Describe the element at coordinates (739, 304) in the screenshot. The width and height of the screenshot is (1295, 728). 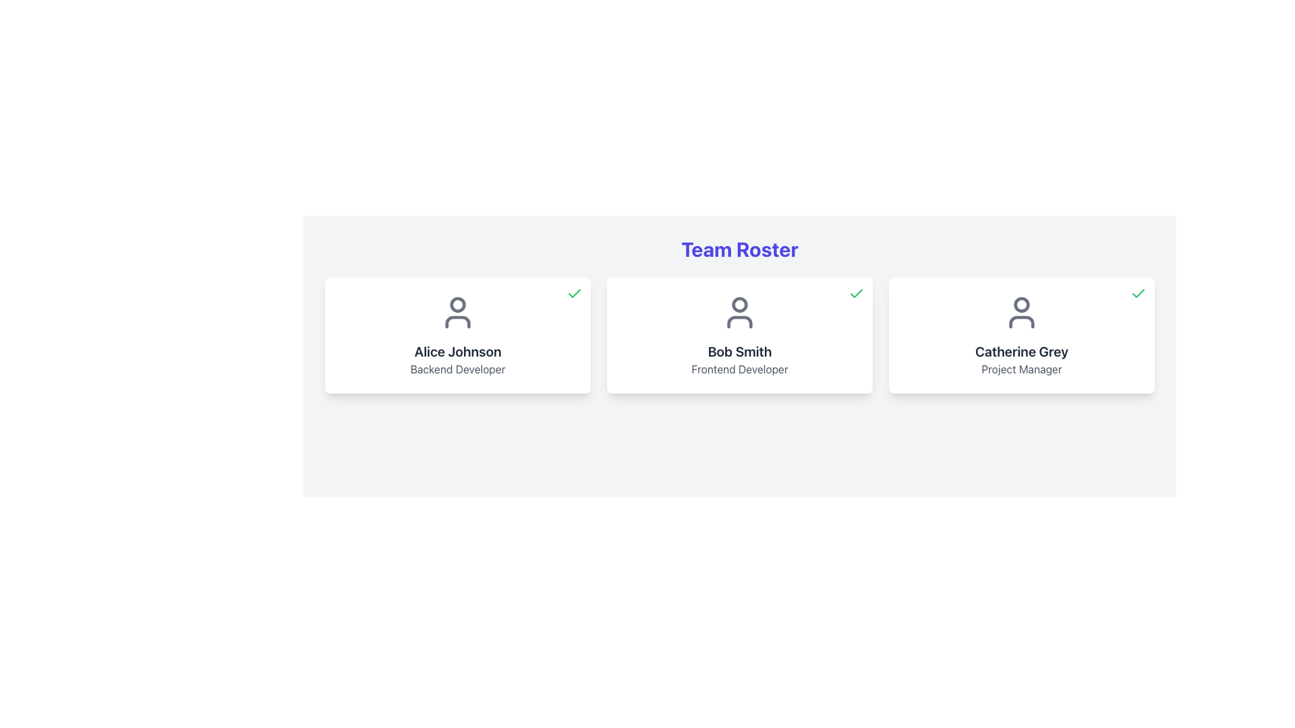
I see `the circular vector graphic representing the user icon of 'Bob Smith' located` at that location.